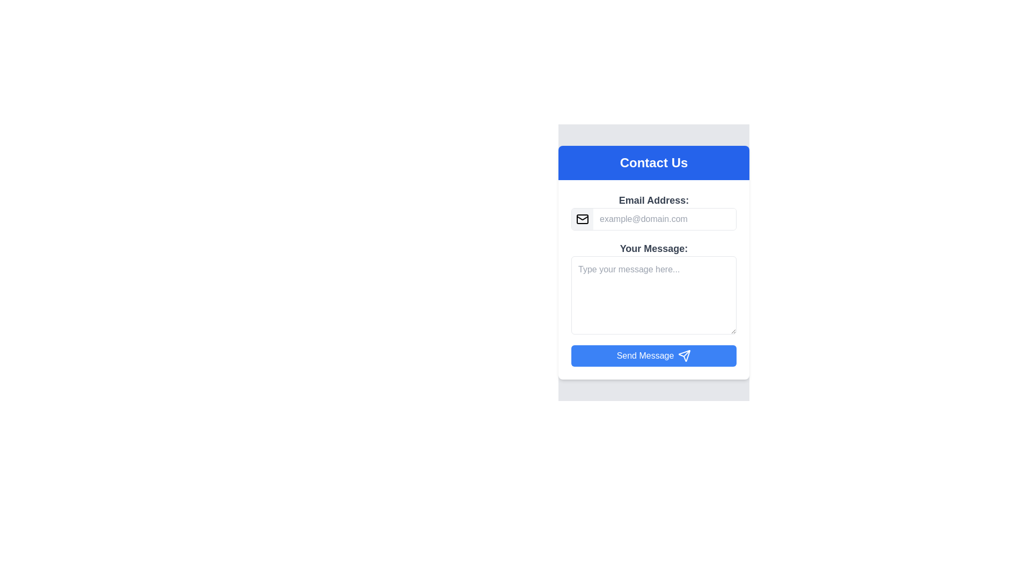  Describe the element at coordinates (653, 355) in the screenshot. I see `the rectangular blue button with rounded edges labeled 'Send Message' located at the bottom of the contact form` at that location.